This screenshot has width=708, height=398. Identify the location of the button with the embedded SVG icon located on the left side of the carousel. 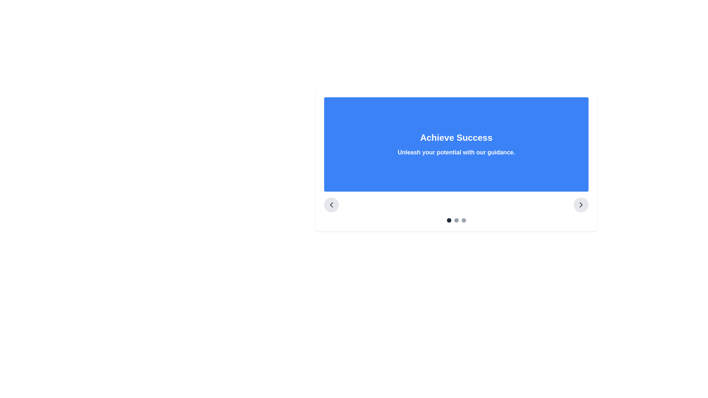
(331, 205).